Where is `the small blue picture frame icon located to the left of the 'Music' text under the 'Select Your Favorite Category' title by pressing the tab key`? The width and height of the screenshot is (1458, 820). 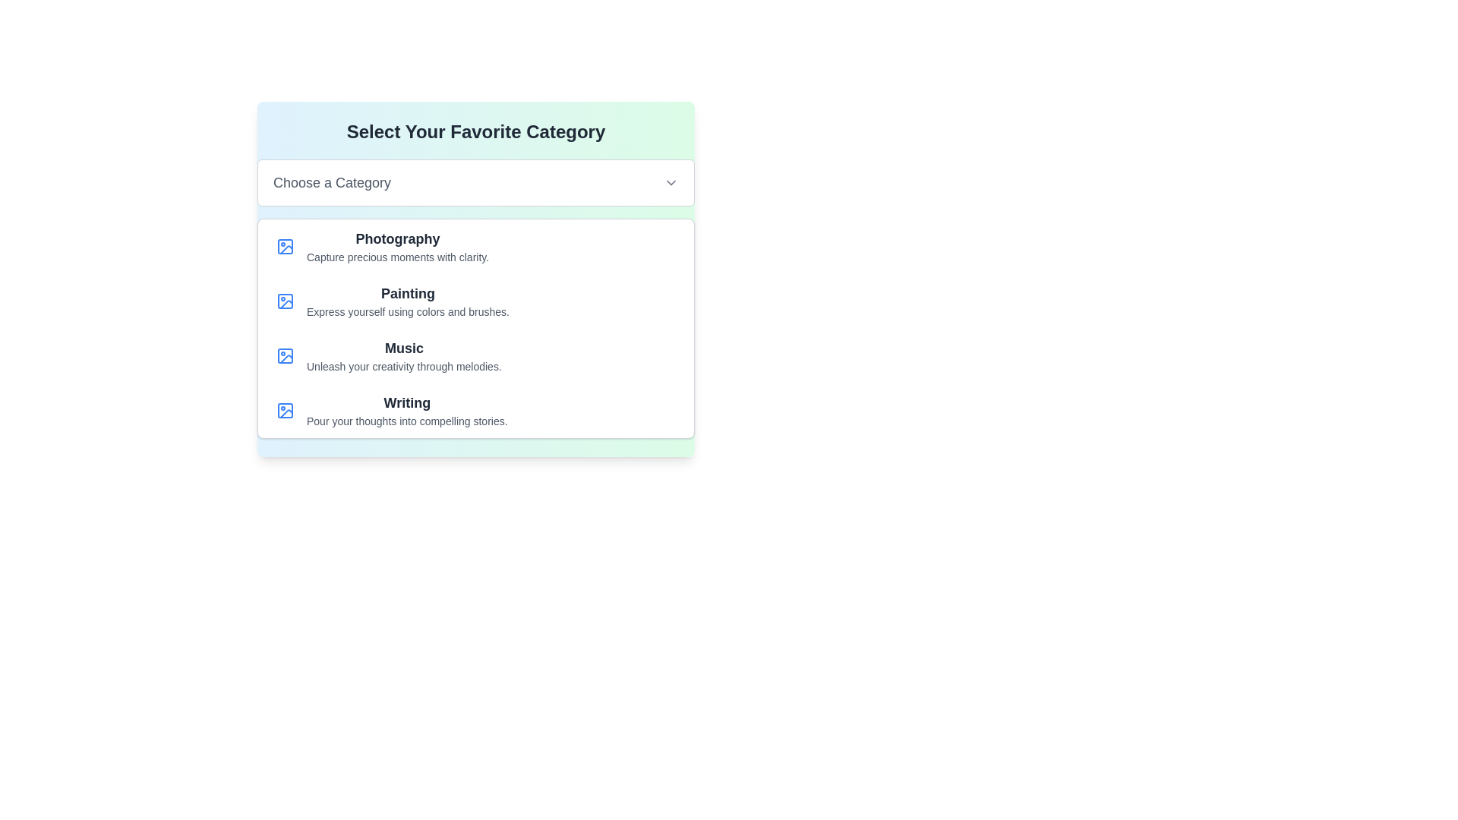 the small blue picture frame icon located to the left of the 'Music' text under the 'Select Your Favorite Category' title by pressing the tab key is located at coordinates (285, 356).